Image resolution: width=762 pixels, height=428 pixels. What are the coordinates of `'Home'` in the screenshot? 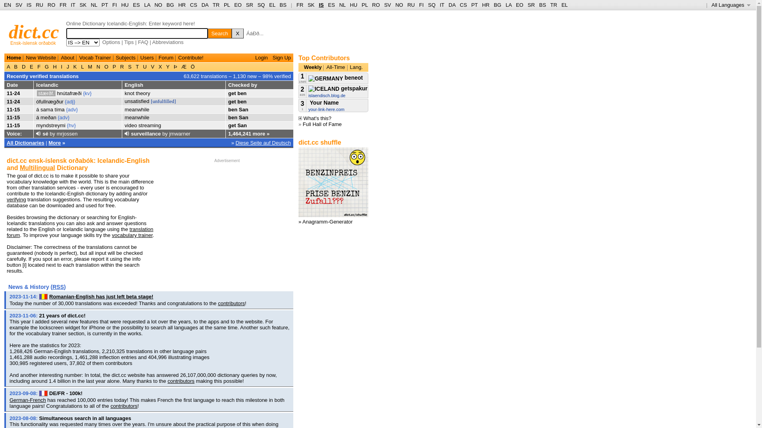 It's located at (13, 57).